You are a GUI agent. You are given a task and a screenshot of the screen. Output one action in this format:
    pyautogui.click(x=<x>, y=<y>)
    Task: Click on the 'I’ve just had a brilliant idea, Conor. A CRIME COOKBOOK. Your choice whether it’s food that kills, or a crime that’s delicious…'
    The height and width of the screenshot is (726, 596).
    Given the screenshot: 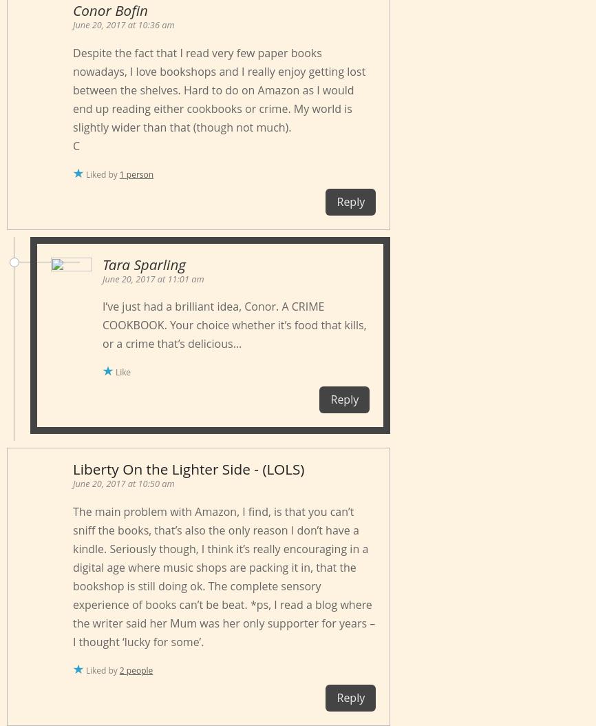 What is the action you would take?
    pyautogui.click(x=233, y=324)
    